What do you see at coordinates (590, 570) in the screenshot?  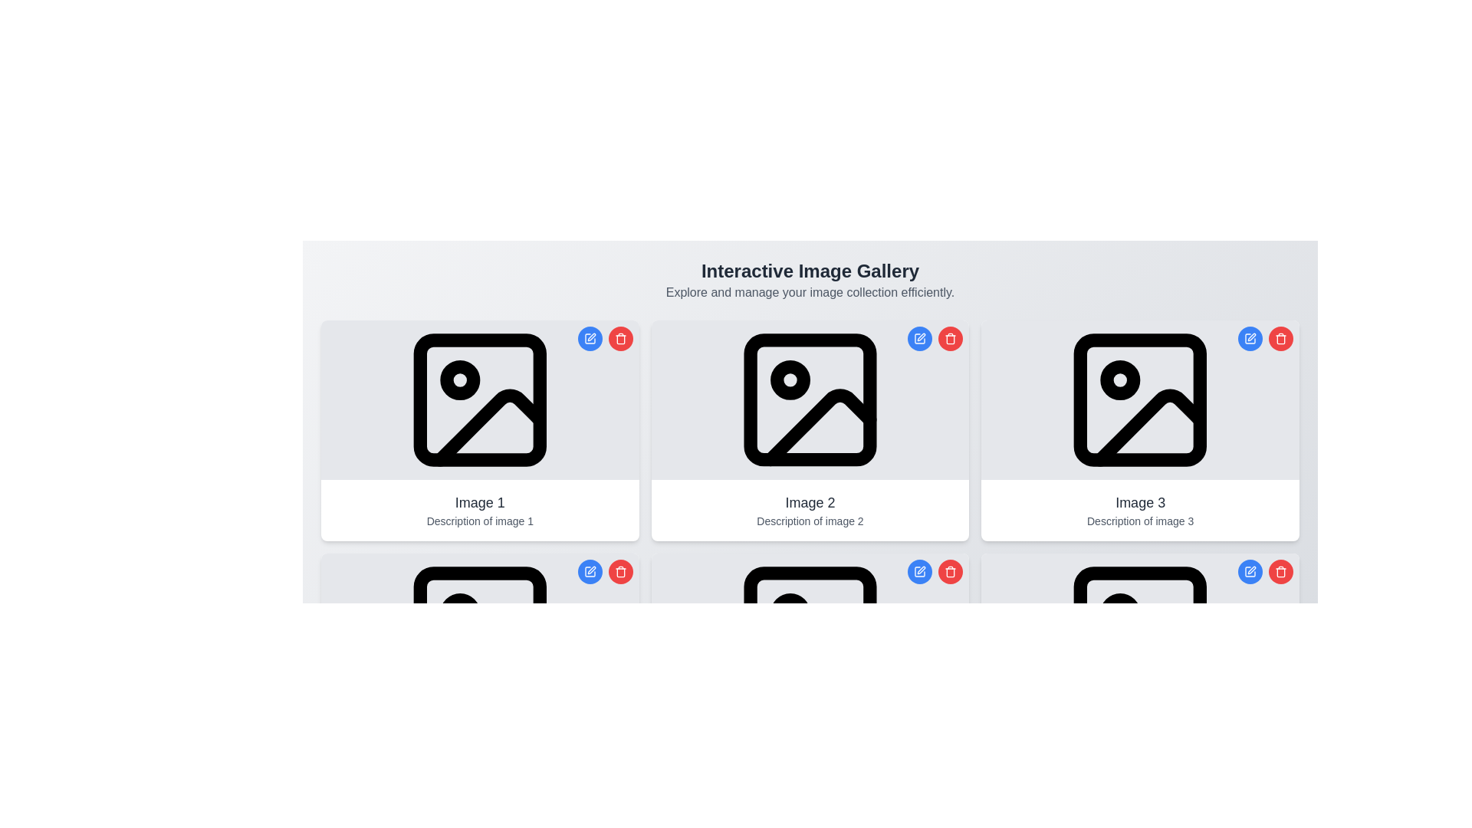 I see `the fountain pen icon in the 'edit' action area above 'Image 2' in the 'Interactive Image Gallery' interface` at bounding box center [590, 570].